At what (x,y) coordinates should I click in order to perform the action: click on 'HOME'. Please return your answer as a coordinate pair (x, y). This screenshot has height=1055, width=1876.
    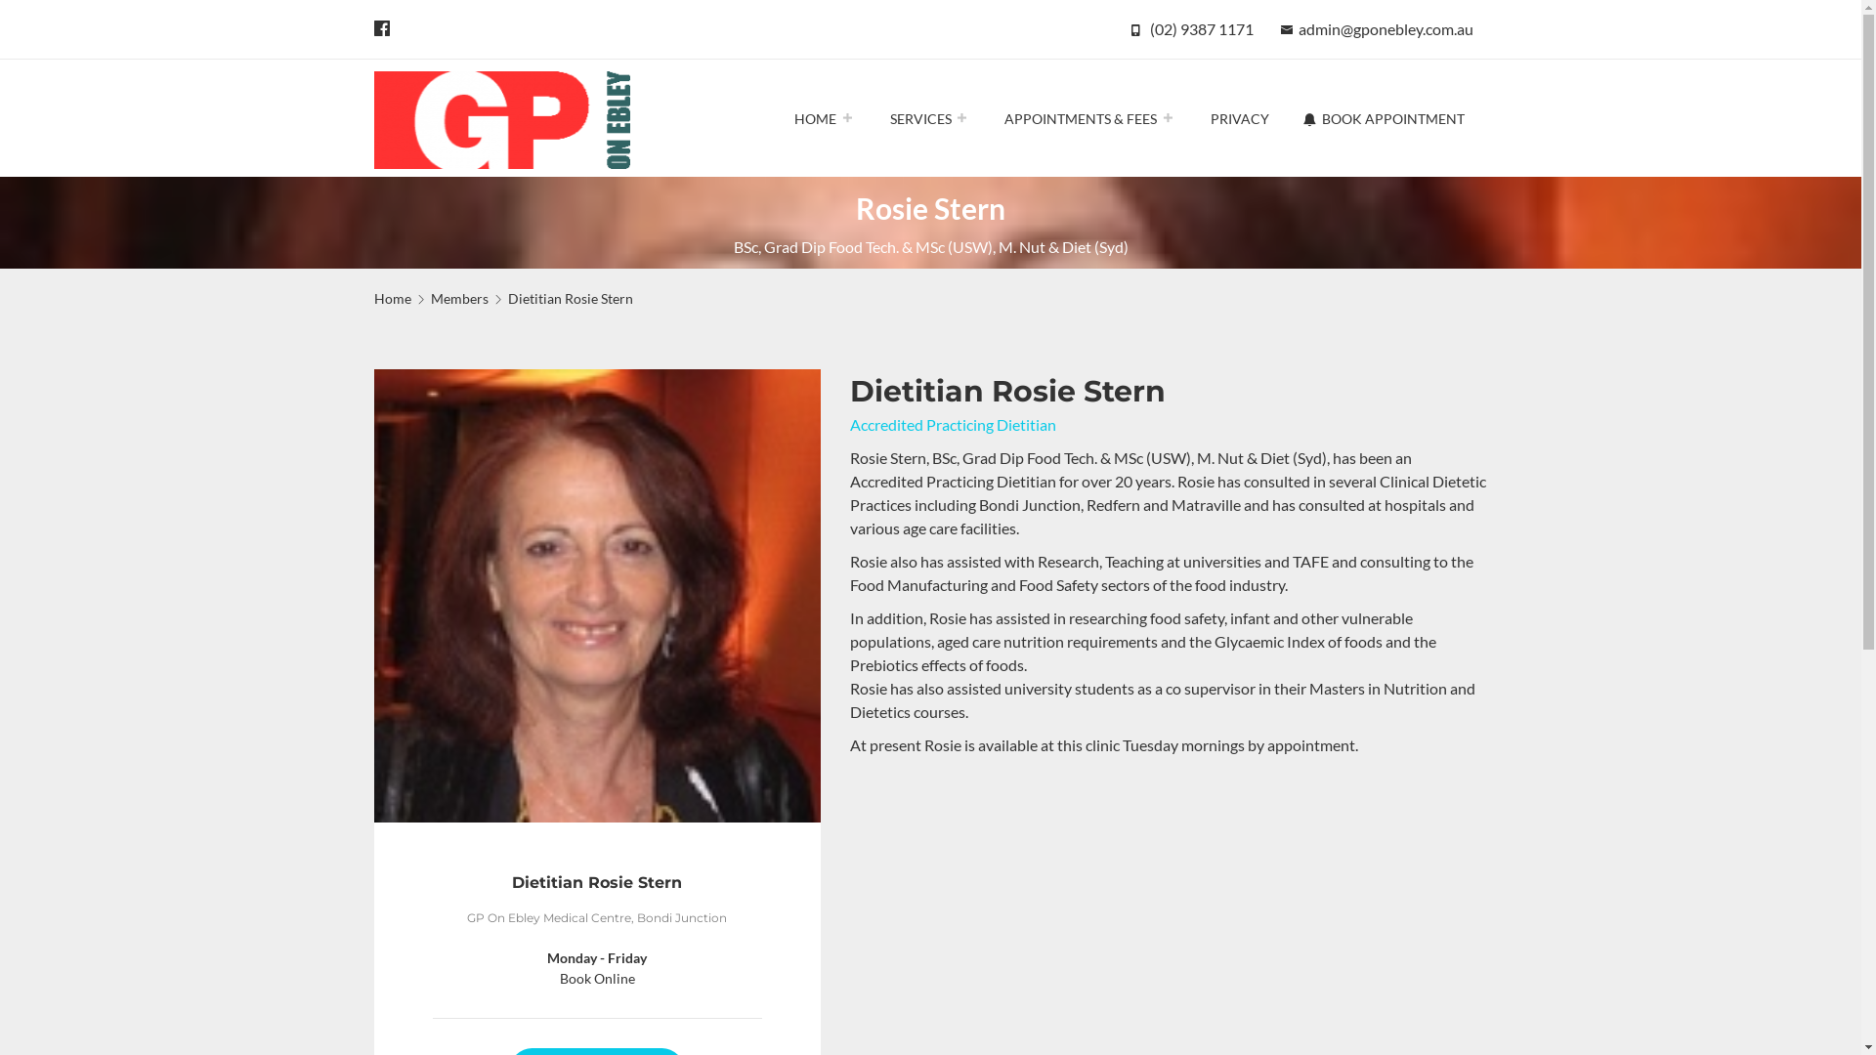
    Looking at the image, I should click on (824, 117).